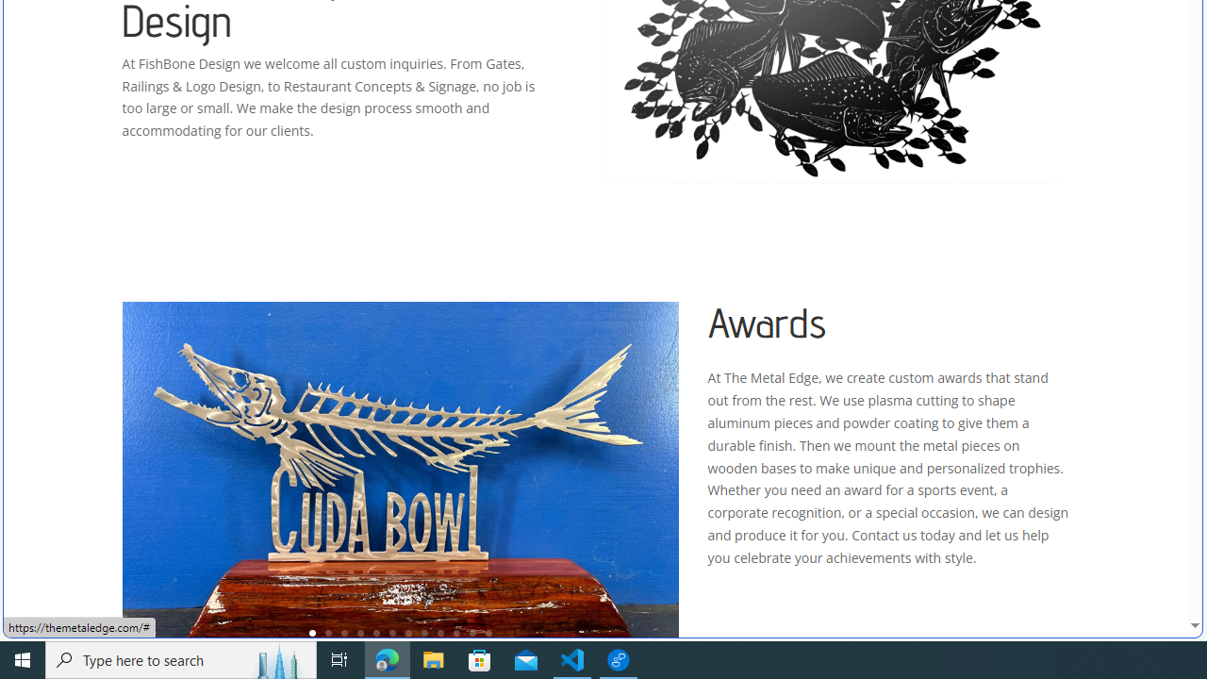  I want to click on '8', so click(423, 633).